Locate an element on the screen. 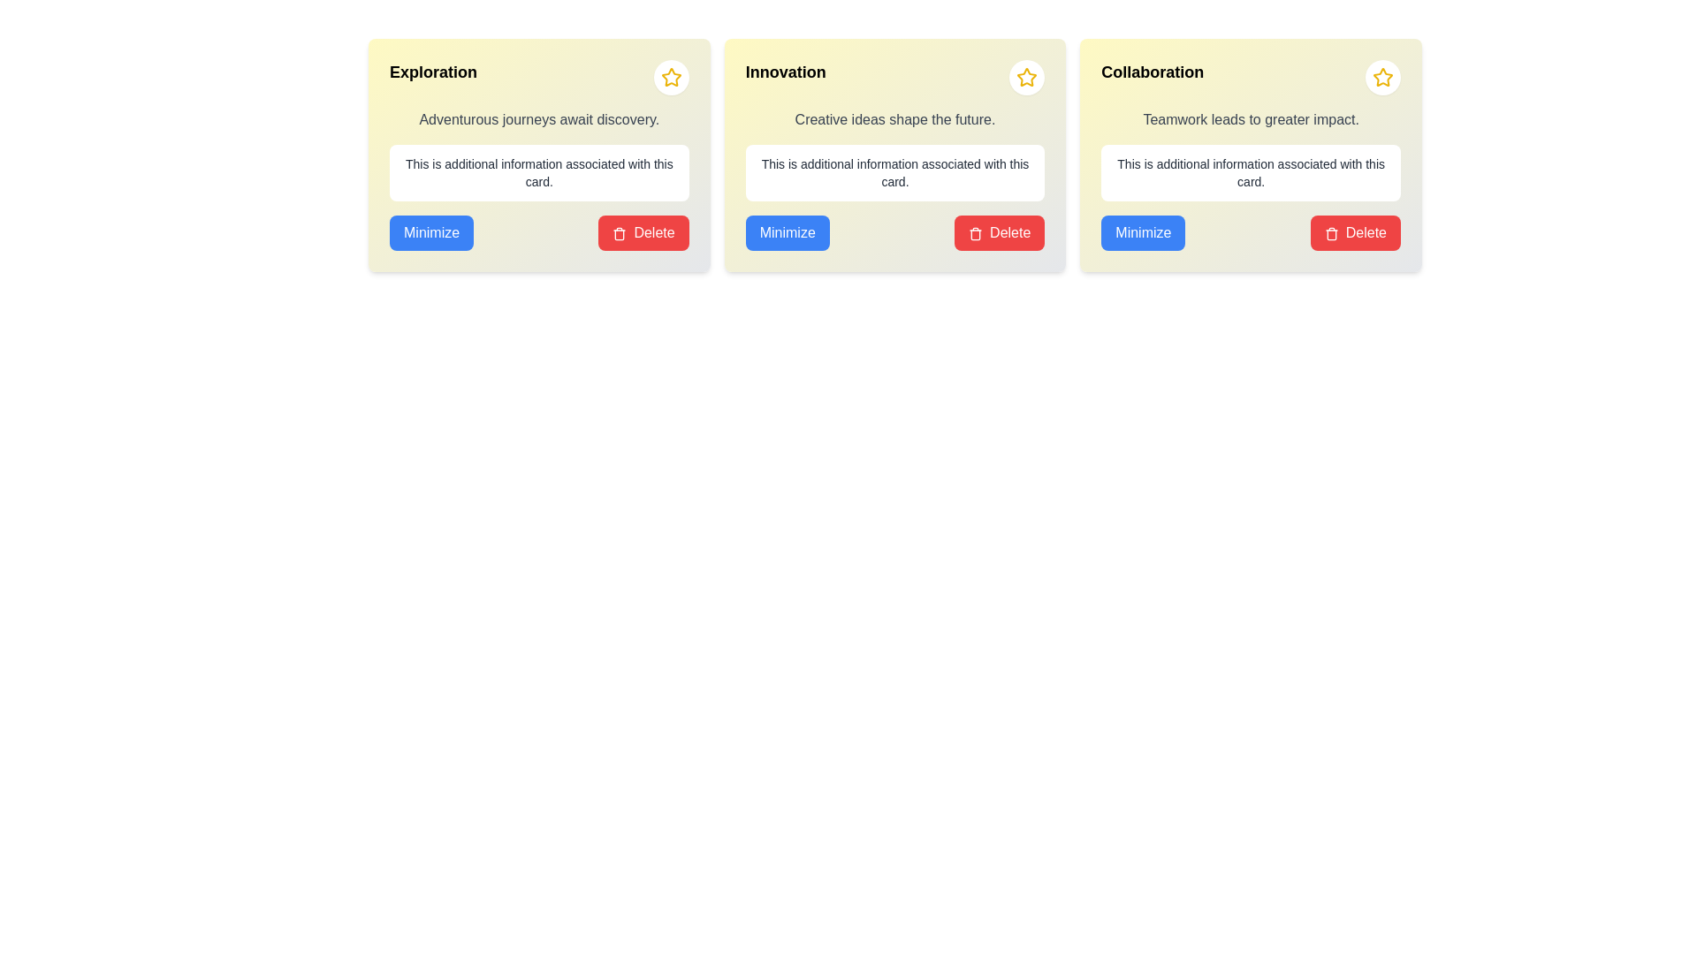 This screenshot has height=954, width=1697. the static text element providing supplementary information about the card in the 'Exploration' section is located at coordinates (538, 173).